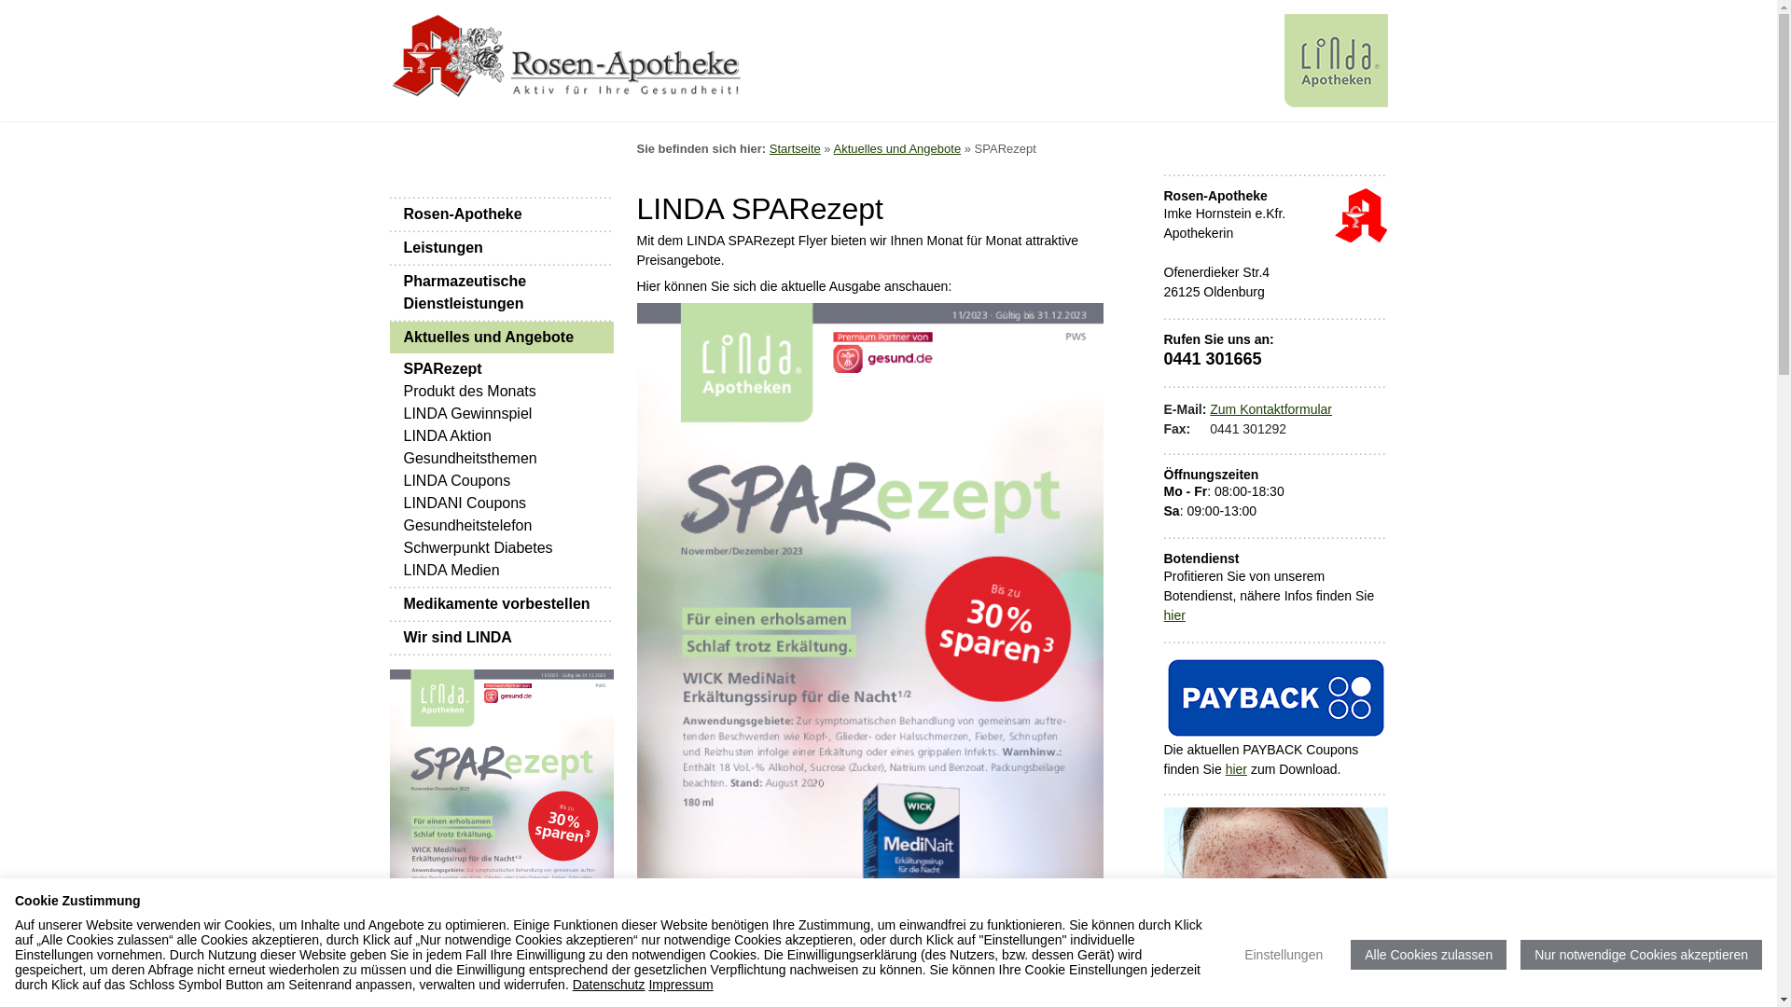  What do you see at coordinates (469, 390) in the screenshot?
I see `'Produkt des Monats'` at bounding box center [469, 390].